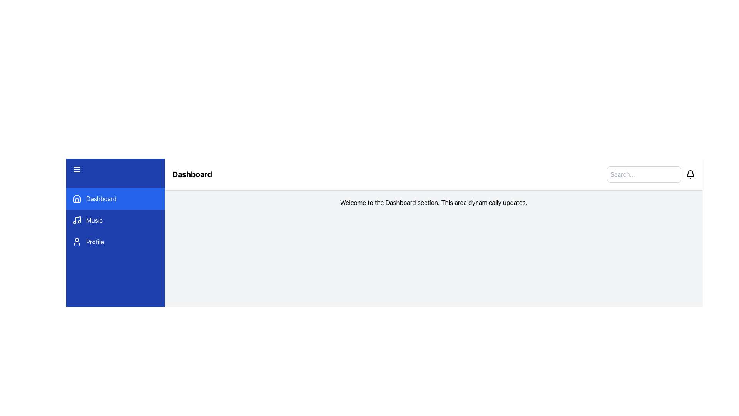 The image size is (739, 416). I want to click on the rectangular blue button with three horizontal lines at the top of the vertical sidebar menu on the left side of the interface, so click(115, 169).